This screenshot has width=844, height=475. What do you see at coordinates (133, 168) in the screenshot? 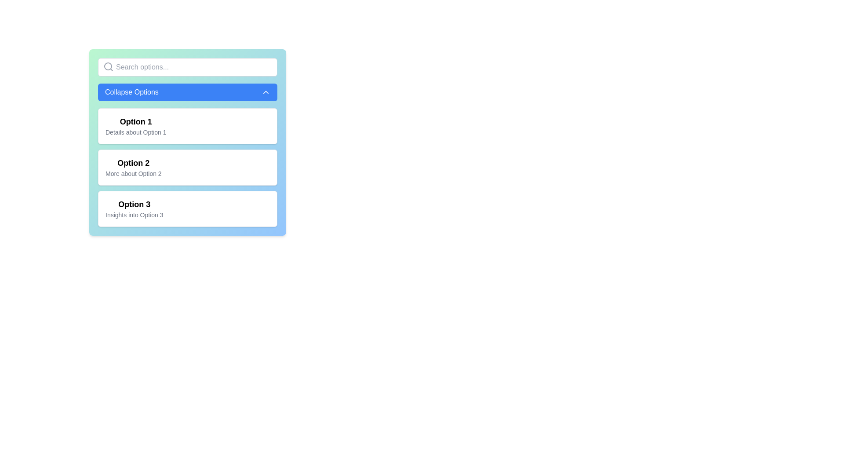
I see `the second list item labeled 'Option 2' with additional text 'More about Option 2'` at bounding box center [133, 168].